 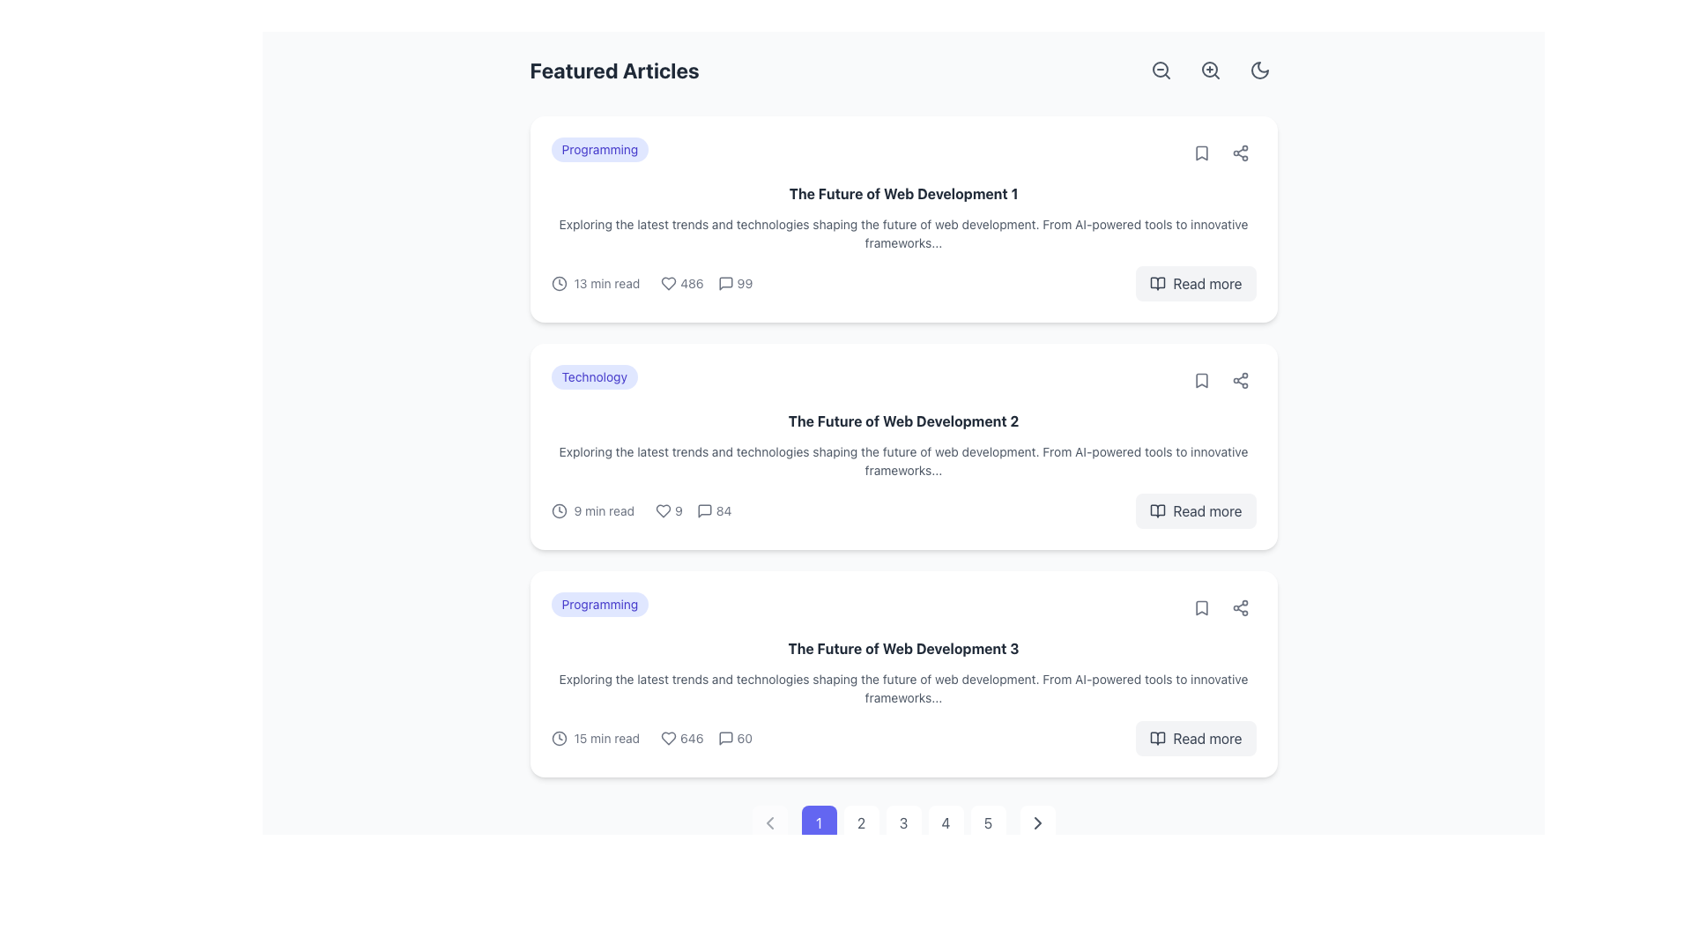 What do you see at coordinates (903, 822) in the screenshot?
I see `the rounded white button labeled '3' in the pagination bar` at bounding box center [903, 822].